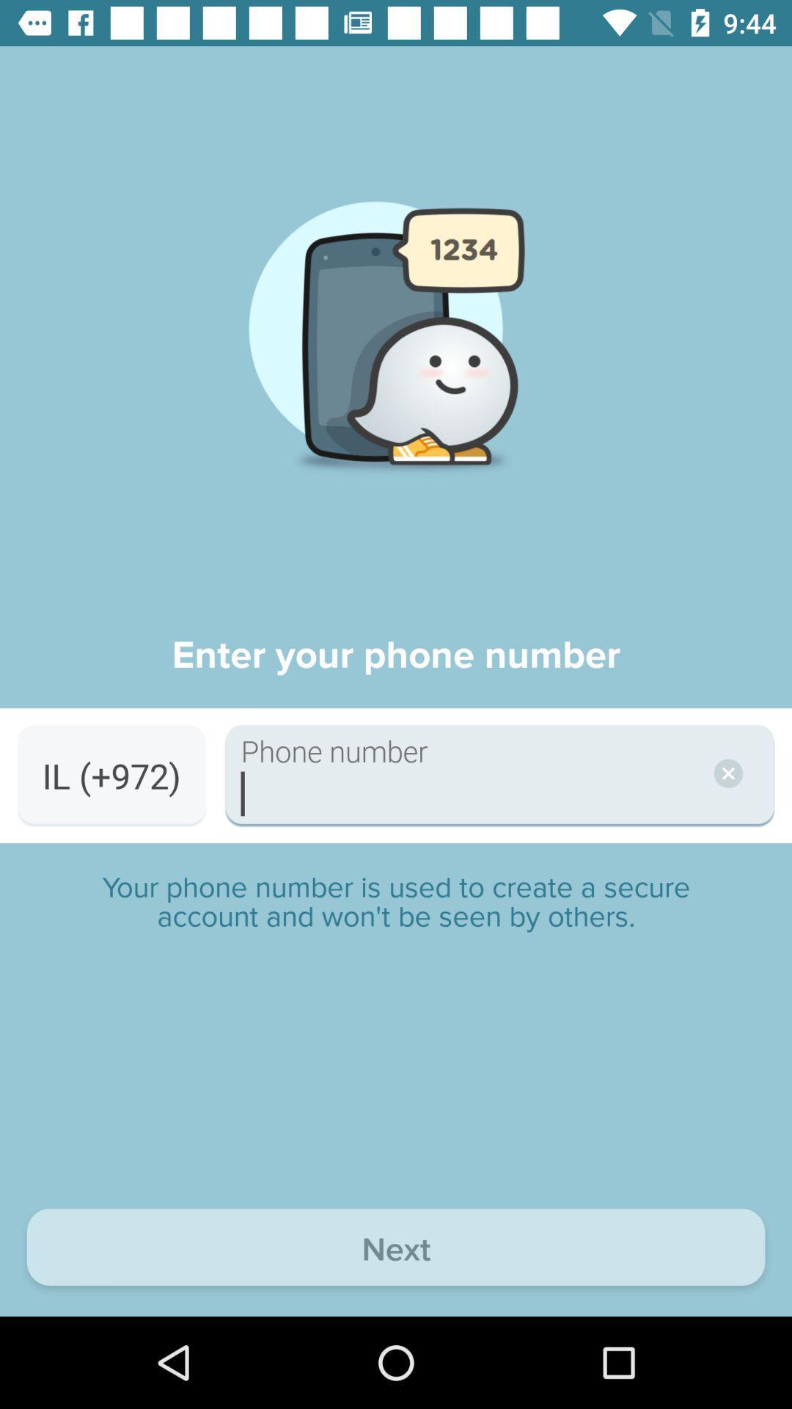  Describe the element at coordinates (111, 775) in the screenshot. I see `the il (+972) on the left` at that location.